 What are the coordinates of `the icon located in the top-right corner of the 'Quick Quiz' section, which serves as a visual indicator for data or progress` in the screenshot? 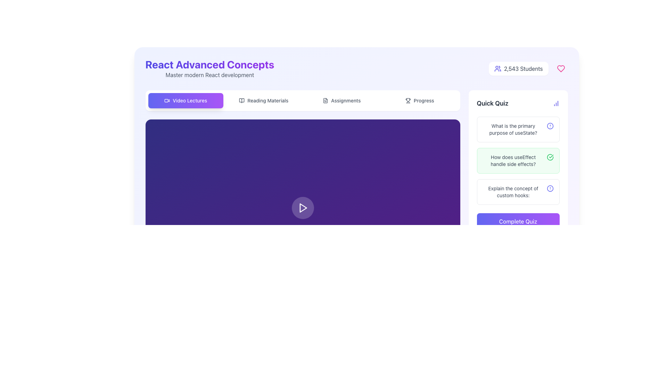 It's located at (556, 103).